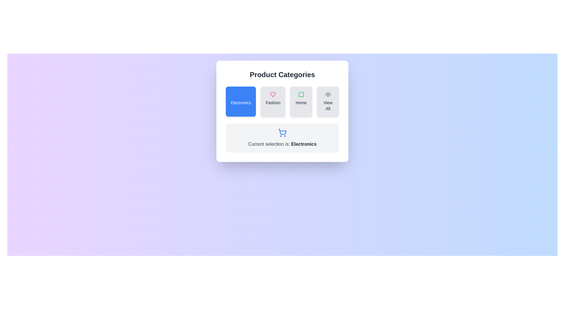 The image size is (566, 318). Describe the element at coordinates (282, 131) in the screenshot. I see `the stylized shopping cart icon, which features a rectangular basket, handle, and wheels, located centrally beneath the category selection panel` at that location.